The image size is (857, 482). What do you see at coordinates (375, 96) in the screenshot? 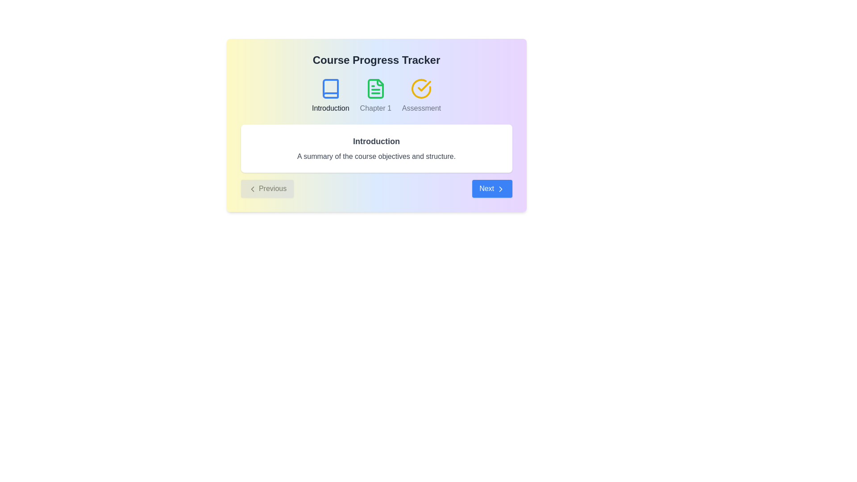
I see `the step labeled Chapter 1 in the course progress stepper` at bounding box center [375, 96].